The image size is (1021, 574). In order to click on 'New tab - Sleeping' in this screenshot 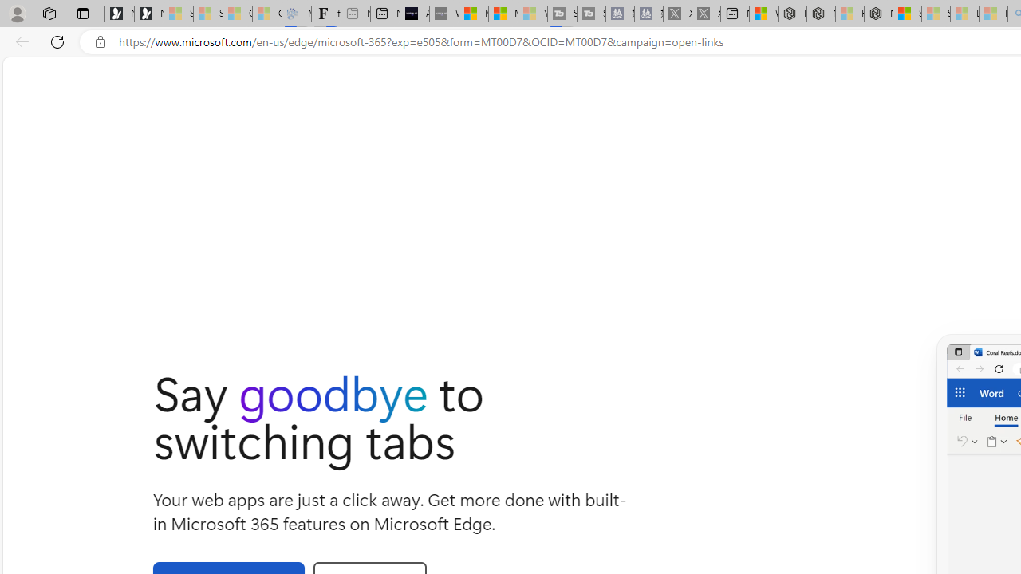, I will do `click(355, 14)`.